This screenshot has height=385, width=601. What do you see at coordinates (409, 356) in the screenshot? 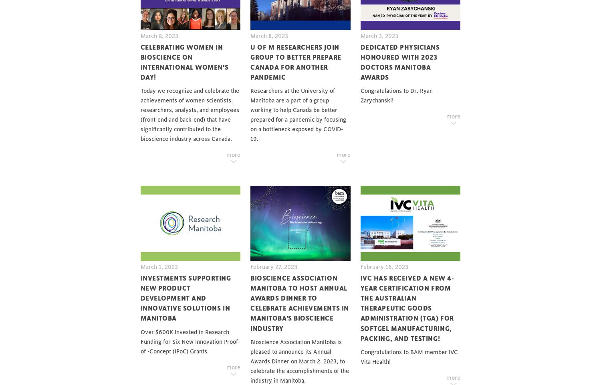
I see `'Congratulations to BAM member IVC Vita Health!'` at bounding box center [409, 356].